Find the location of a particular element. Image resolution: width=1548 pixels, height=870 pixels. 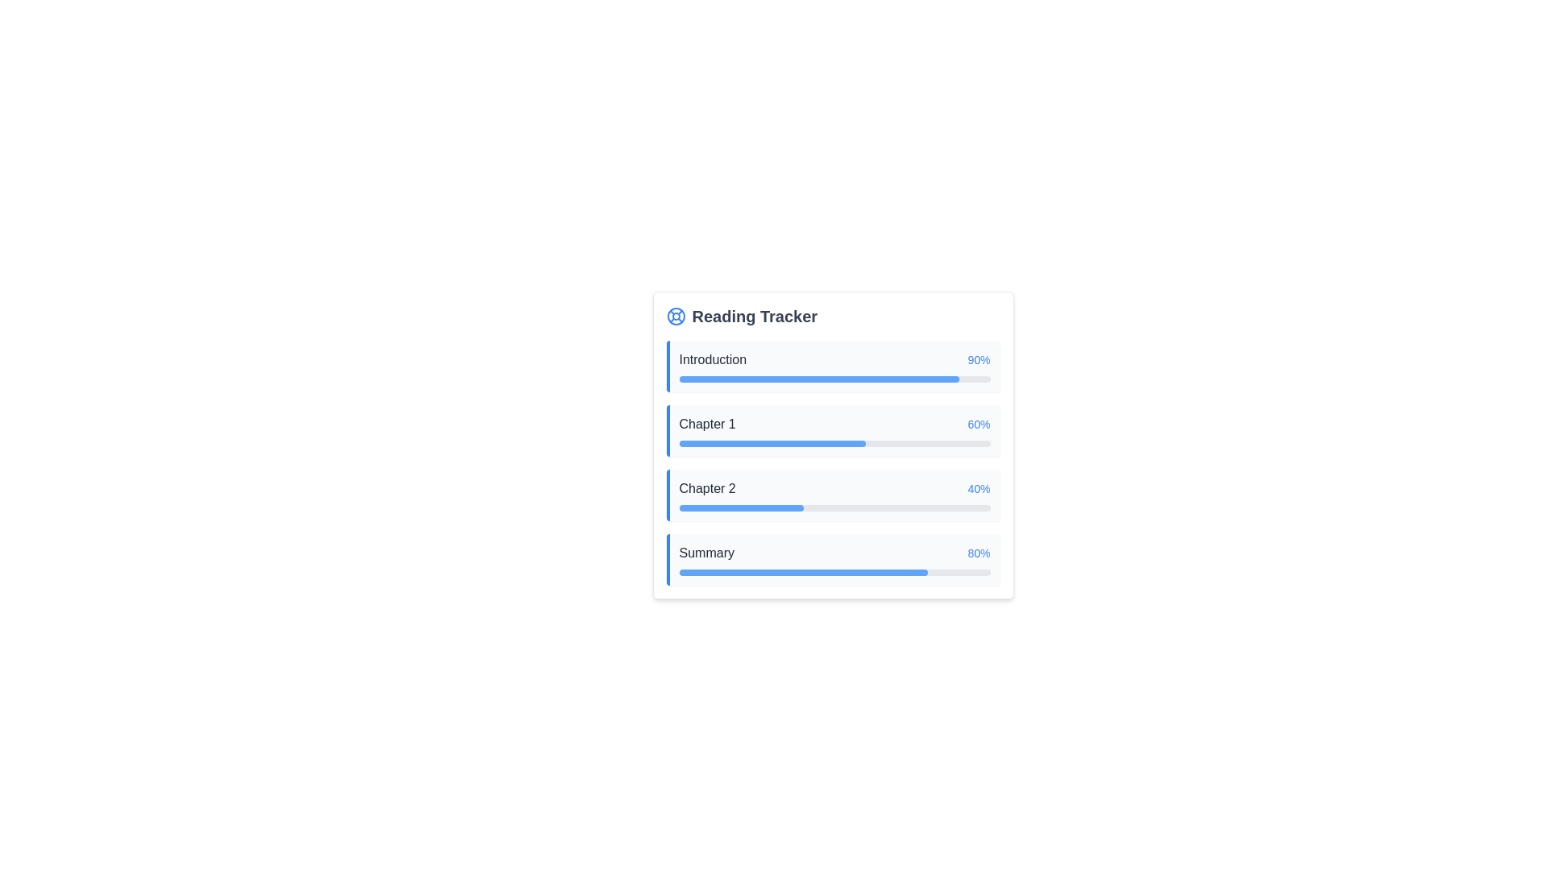

the text label displaying '90%' in bold blue font, positioned to the right of the 'Introduction' text is located at coordinates (978, 359).